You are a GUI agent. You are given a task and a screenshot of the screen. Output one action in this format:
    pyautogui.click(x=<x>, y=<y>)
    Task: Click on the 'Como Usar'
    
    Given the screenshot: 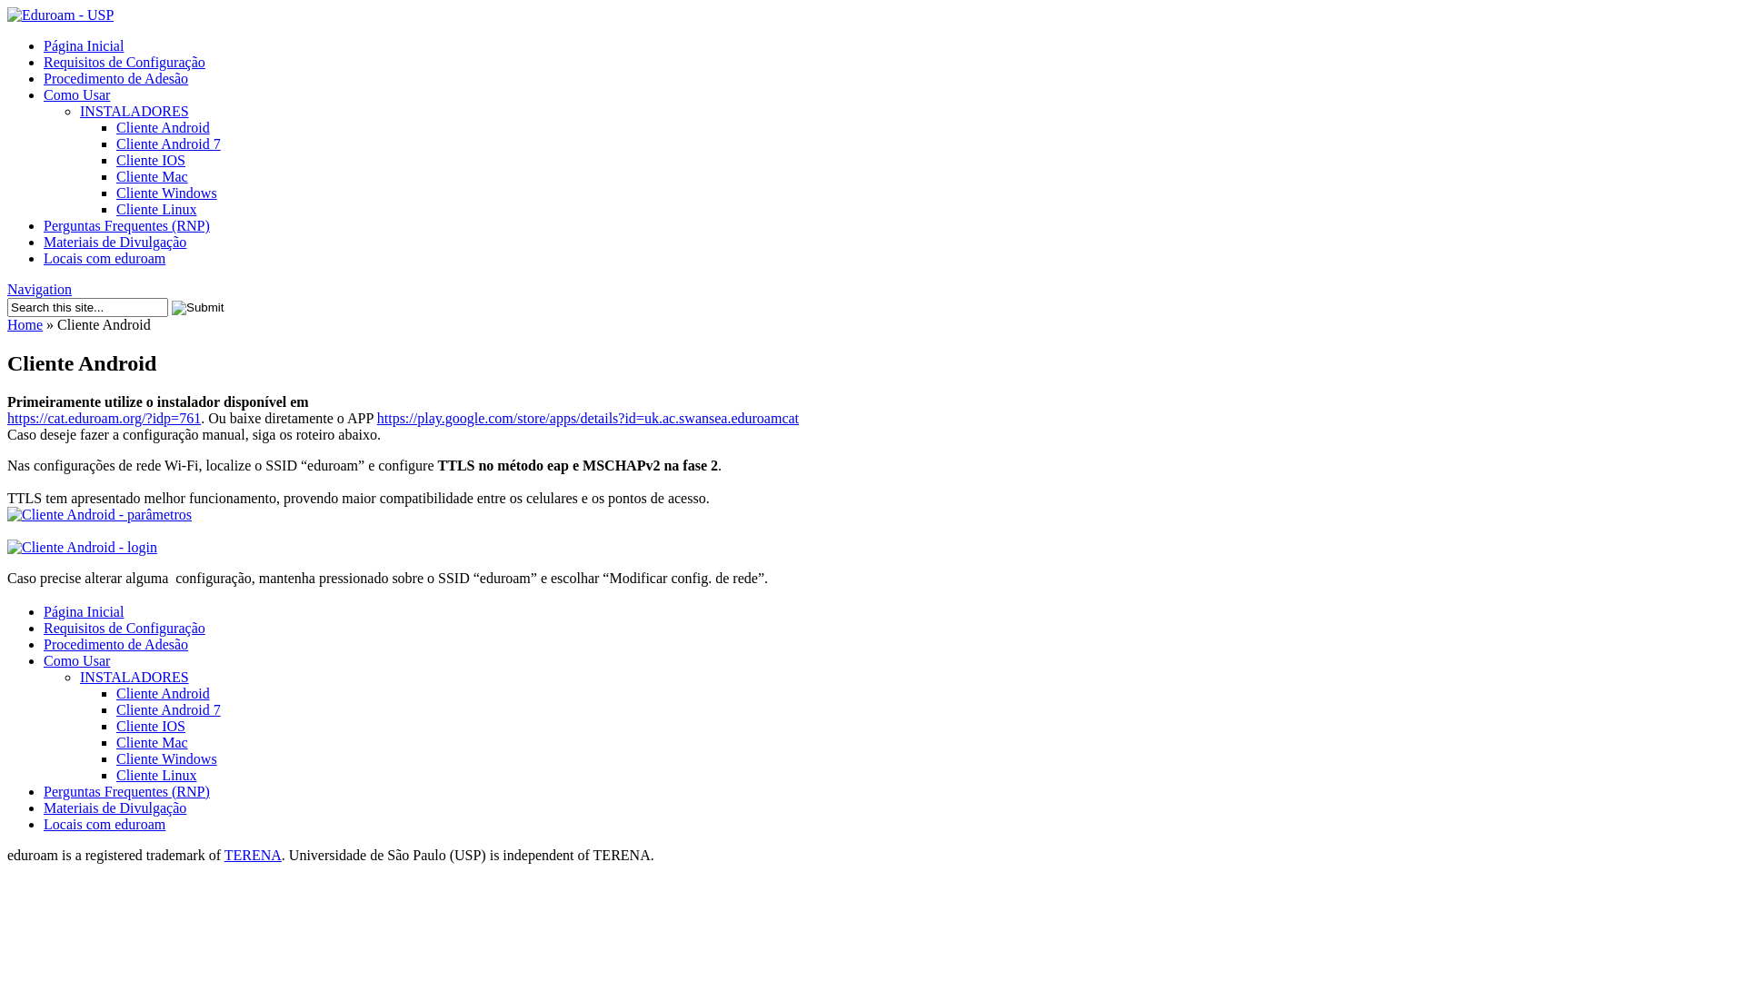 What is the action you would take?
    pyautogui.click(x=75, y=94)
    